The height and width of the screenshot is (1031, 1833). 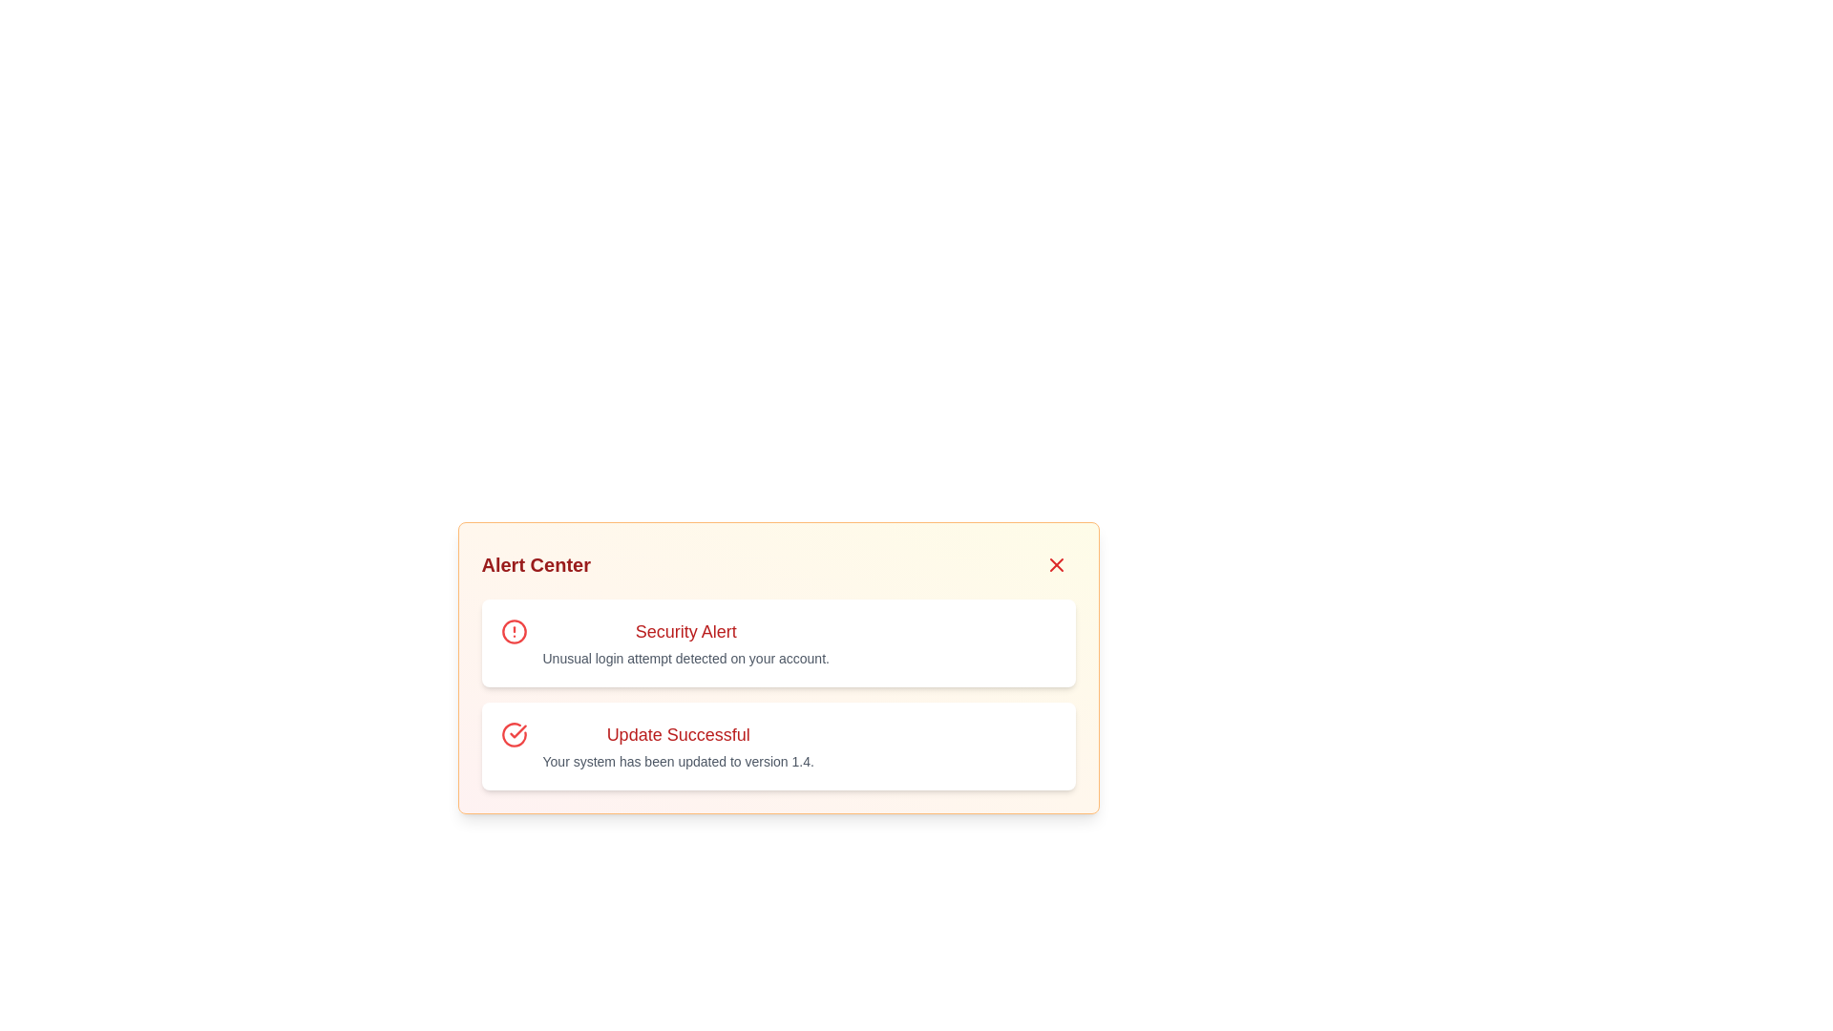 I want to click on alert message text located in the 'Alert Center' section below the 'Security Alert' headline, so click(x=685, y=658).